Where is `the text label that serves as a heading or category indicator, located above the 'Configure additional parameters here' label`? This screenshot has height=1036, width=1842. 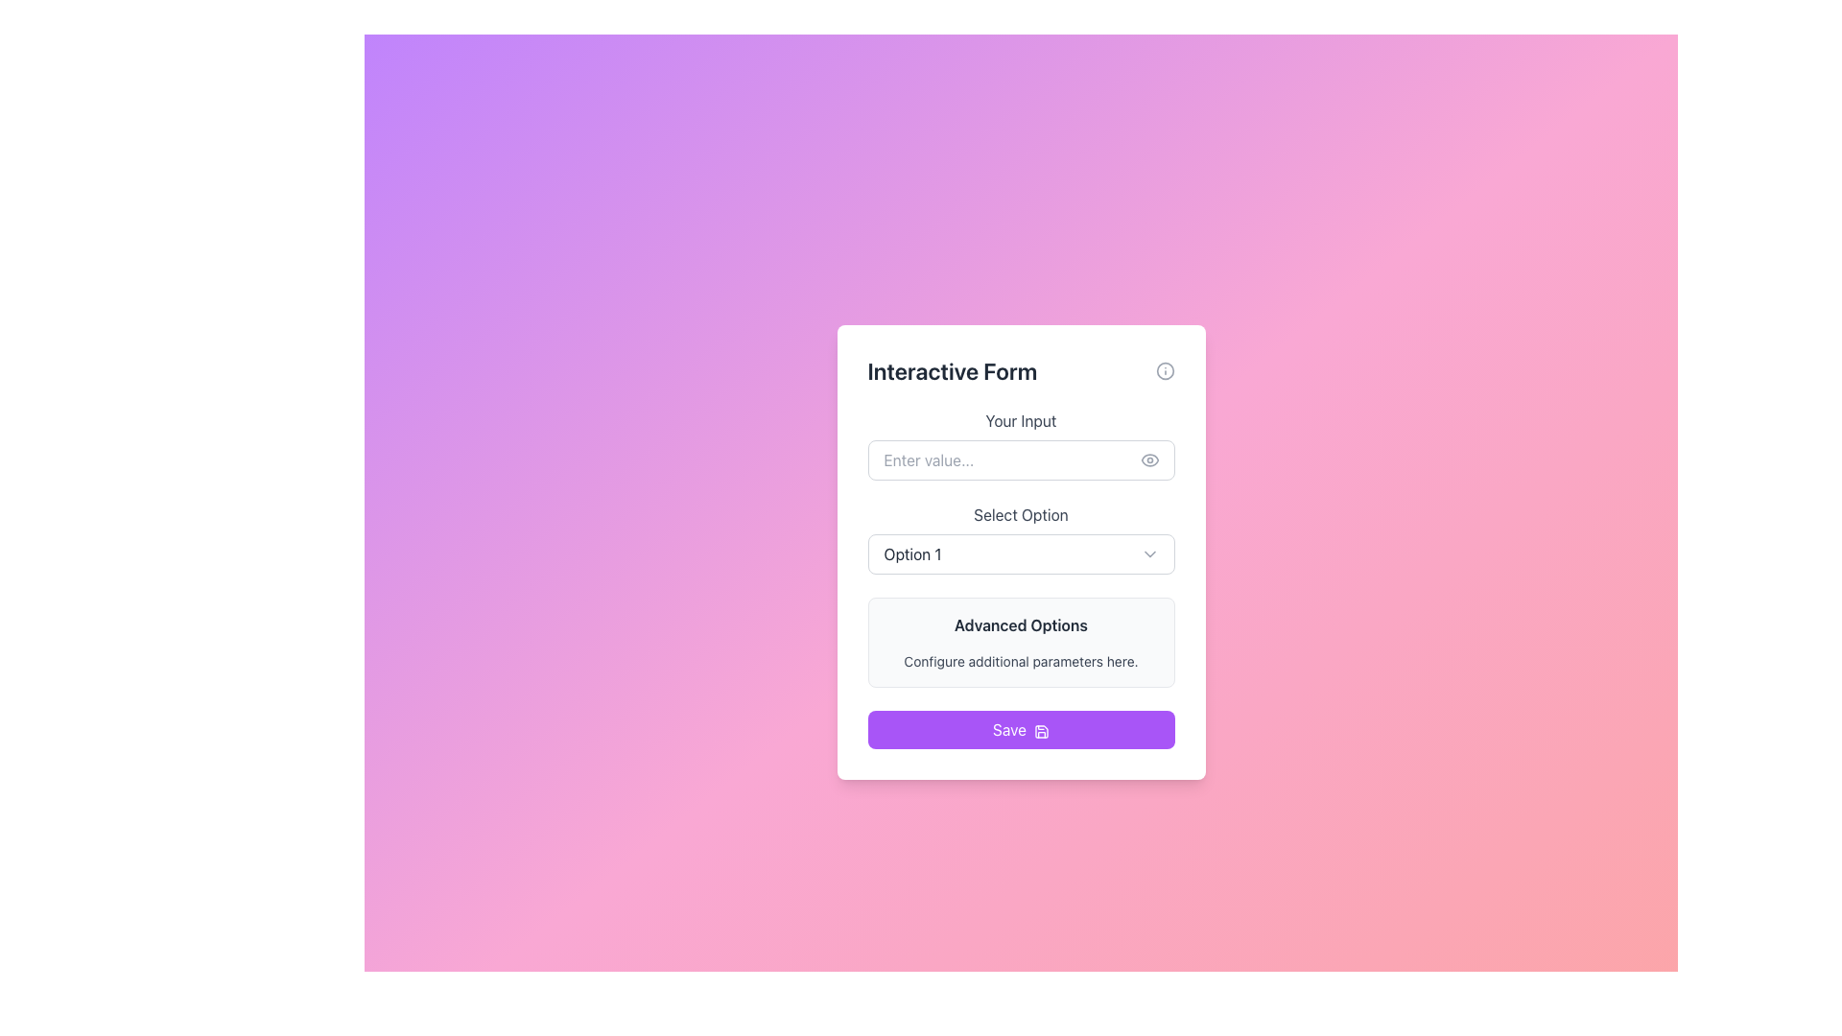
the text label that serves as a heading or category indicator, located above the 'Configure additional parameters here' label is located at coordinates (1020, 624).